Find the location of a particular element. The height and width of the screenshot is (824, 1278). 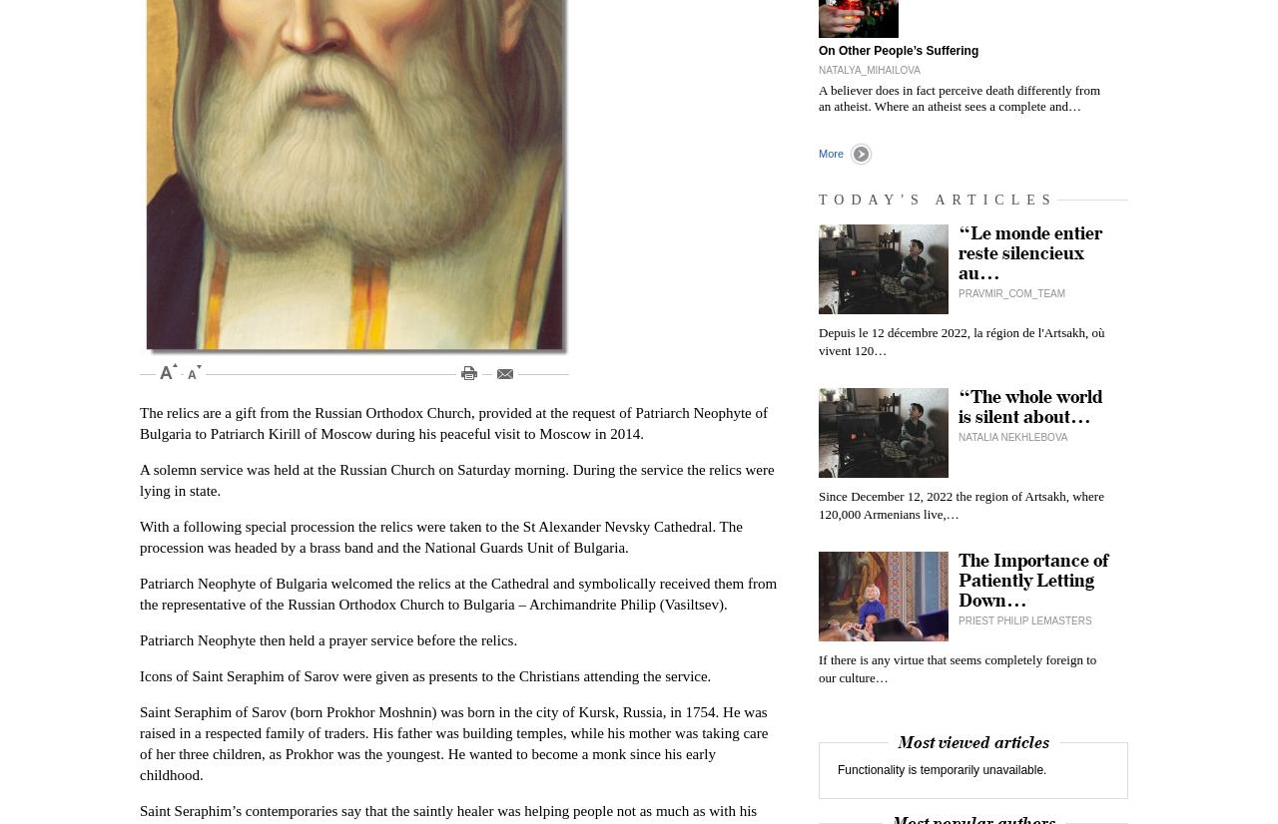

'natalya_mihailova' is located at coordinates (818, 70).